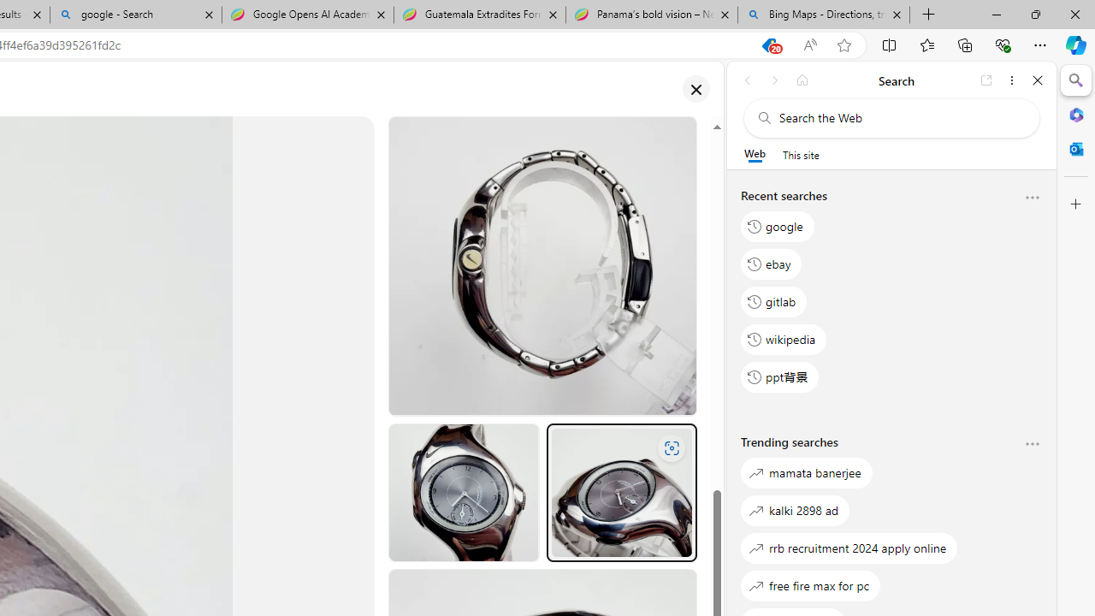 The image size is (1095, 616). I want to click on 'mamata banerjee', so click(806, 472).